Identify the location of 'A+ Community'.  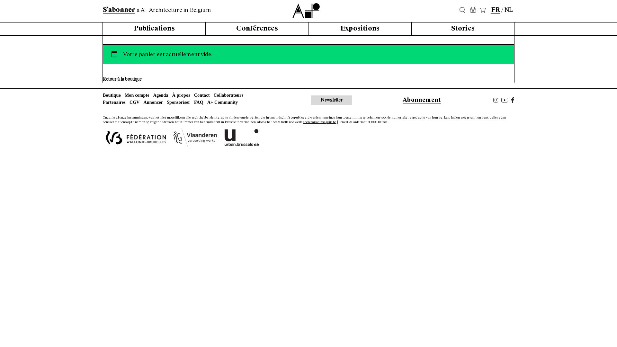
(222, 102).